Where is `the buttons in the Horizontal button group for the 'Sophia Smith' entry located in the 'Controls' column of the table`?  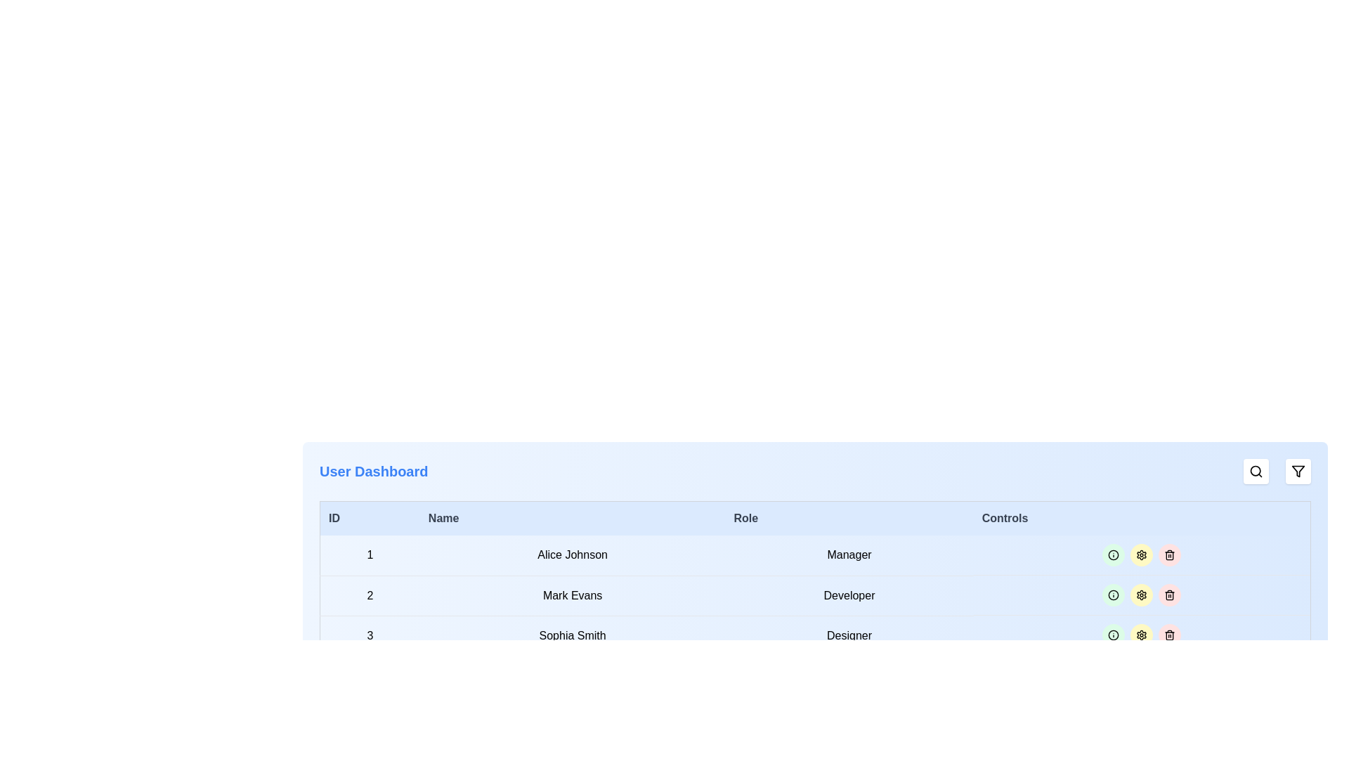
the buttons in the Horizontal button group for the 'Sophia Smith' entry located in the 'Controls' column of the table is located at coordinates (1142, 635).